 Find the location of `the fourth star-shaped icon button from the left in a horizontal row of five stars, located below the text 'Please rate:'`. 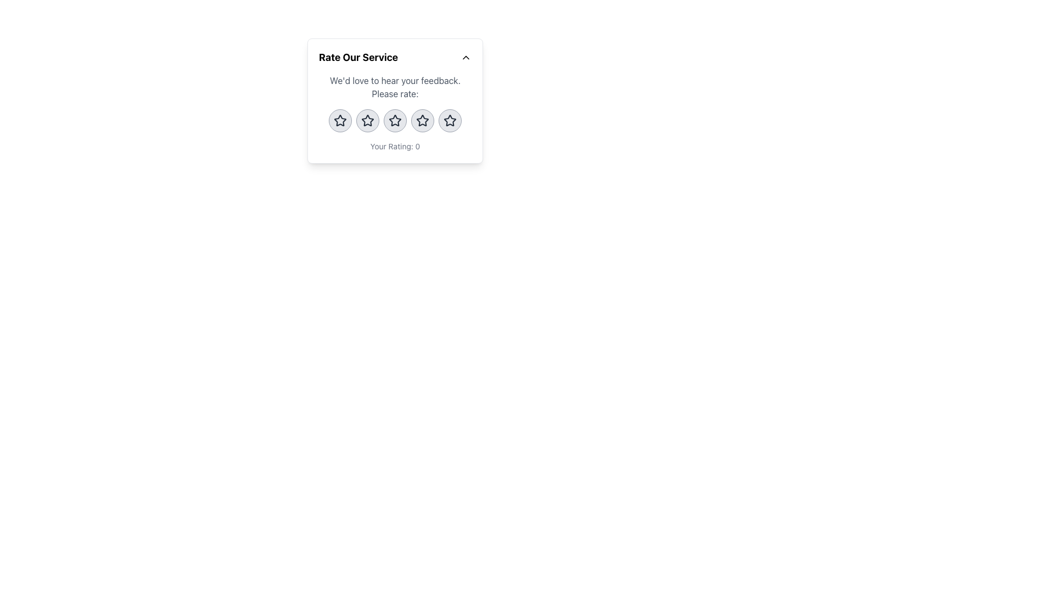

the fourth star-shaped icon button from the left in a horizontal row of five stars, located below the text 'Please rate:' is located at coordinates (422, 120).